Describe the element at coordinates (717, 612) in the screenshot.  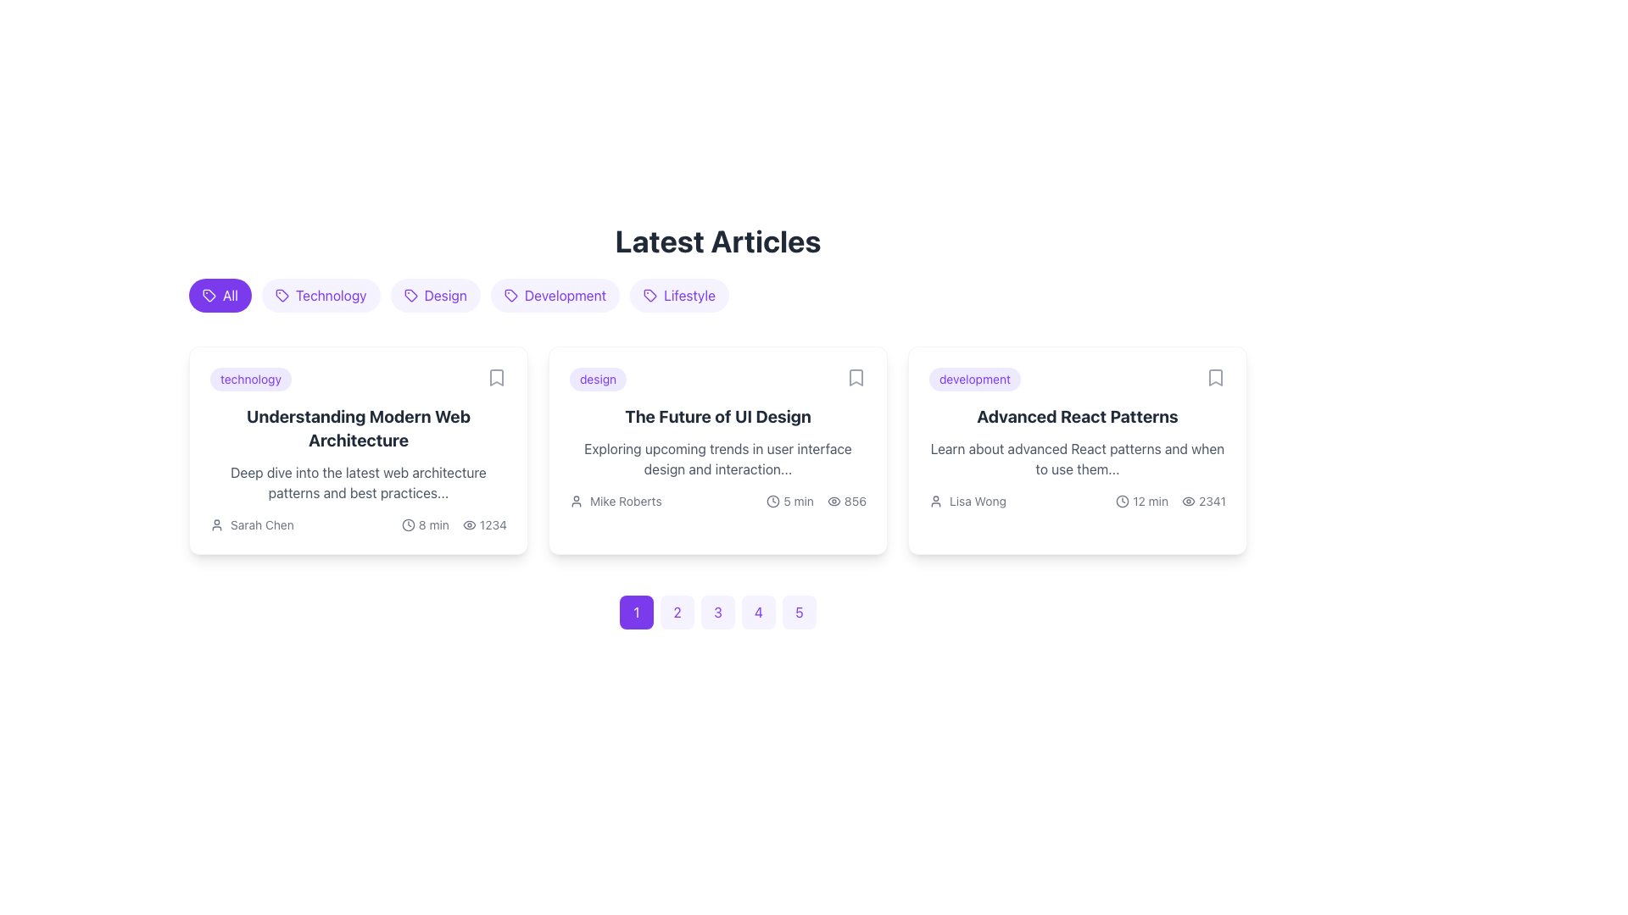
I see `the pagination button with a light violet background and the numeral '3'` at that location.